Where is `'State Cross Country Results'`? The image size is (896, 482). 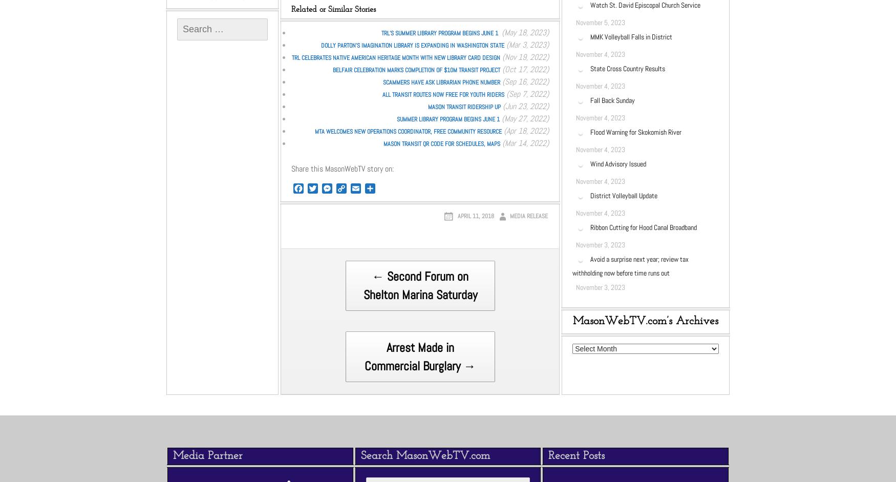 'State Cross Country Results' is located at coordinates (628, 67).